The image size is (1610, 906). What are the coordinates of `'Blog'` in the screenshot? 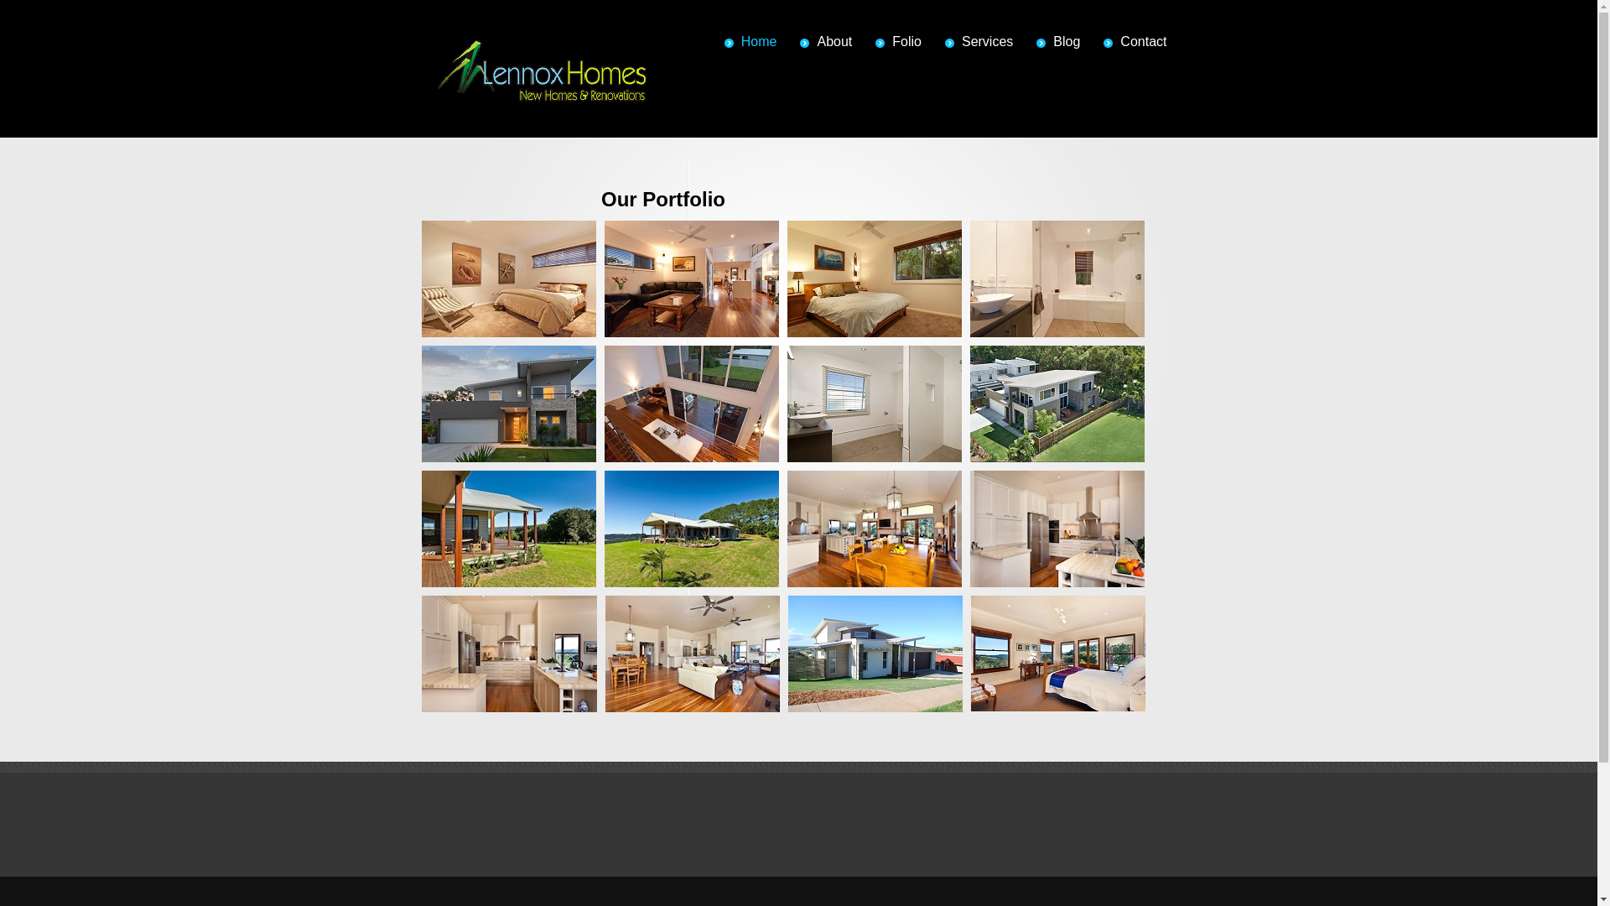 It's located at (1057, 41).